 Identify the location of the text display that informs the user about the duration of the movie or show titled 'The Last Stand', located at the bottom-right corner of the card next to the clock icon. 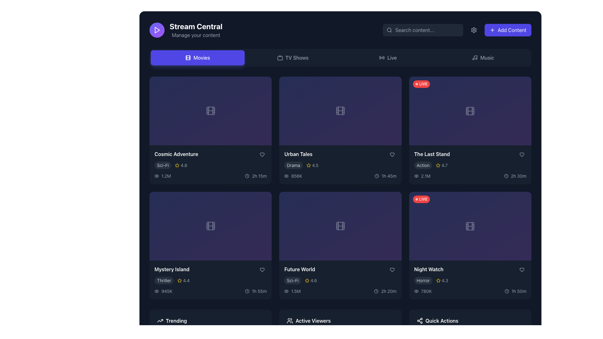
(519, 176).